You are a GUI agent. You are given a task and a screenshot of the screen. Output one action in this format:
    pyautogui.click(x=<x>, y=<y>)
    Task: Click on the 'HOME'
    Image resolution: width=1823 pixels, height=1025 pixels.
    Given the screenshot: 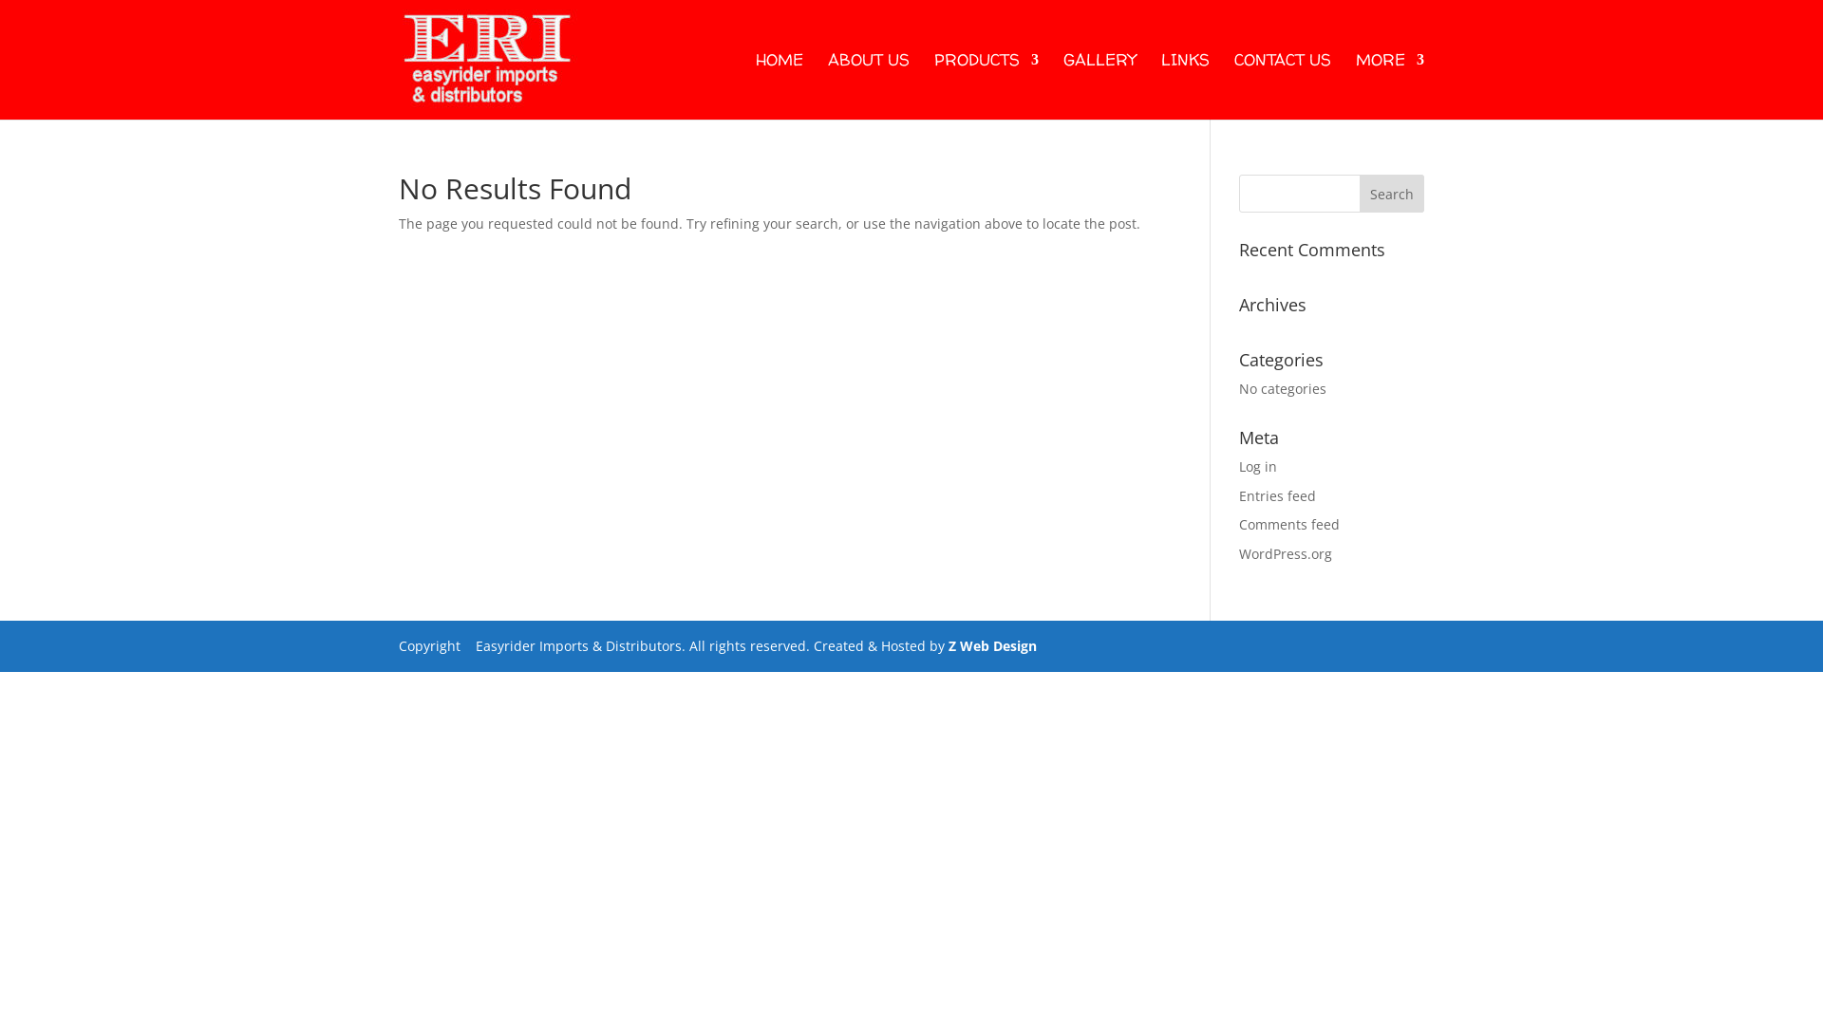 What is the action you would take?
    pyautogui.click(x=779, y=86)
    